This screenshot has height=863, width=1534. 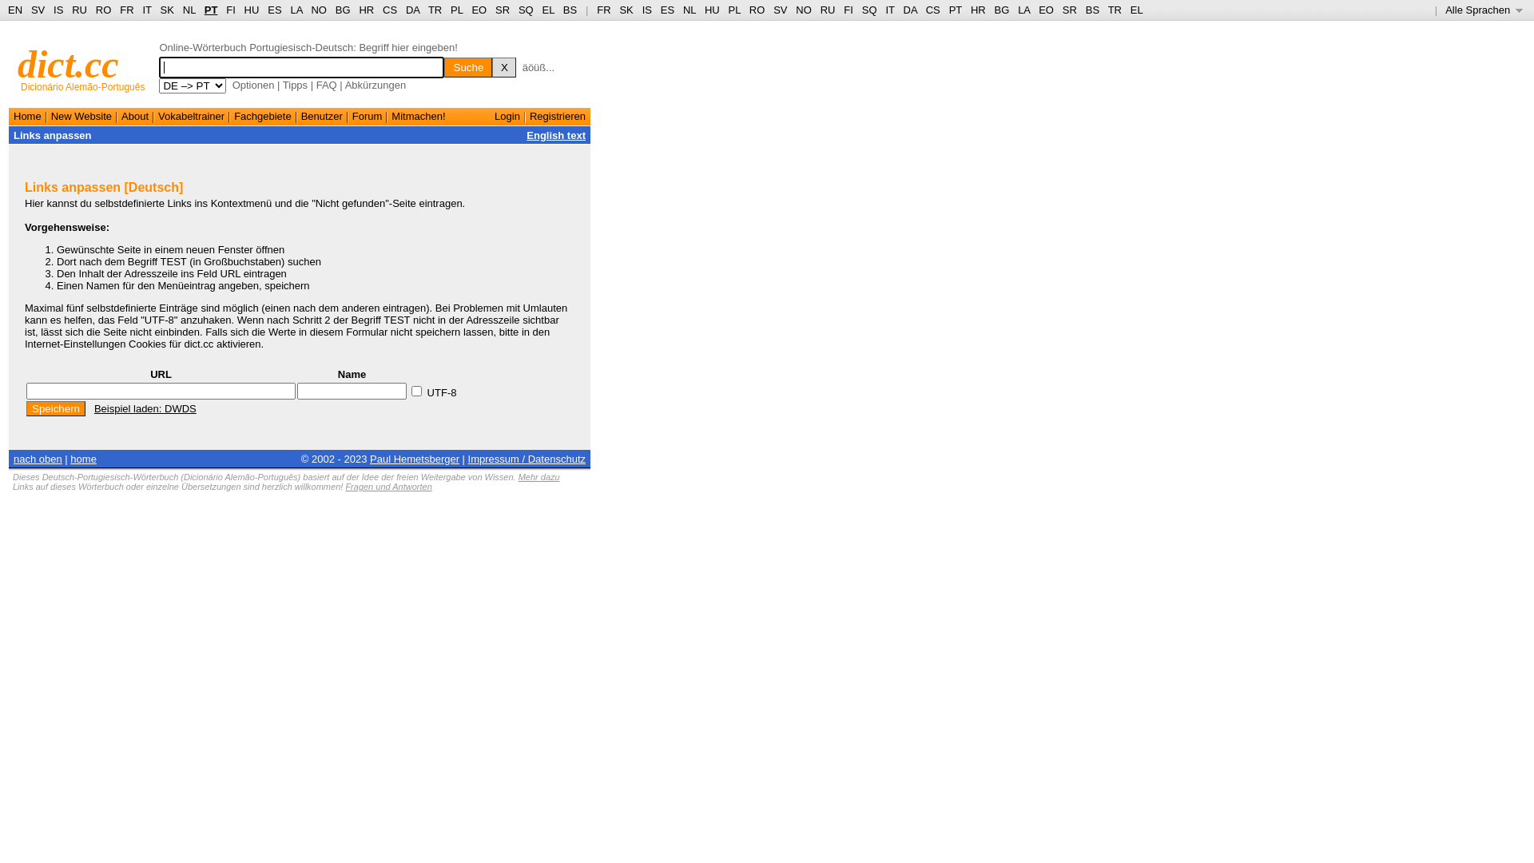 What do you see at coordinates (570, 10) in the screenshot?
I see `'BS'` at bounding box center [570, 10].